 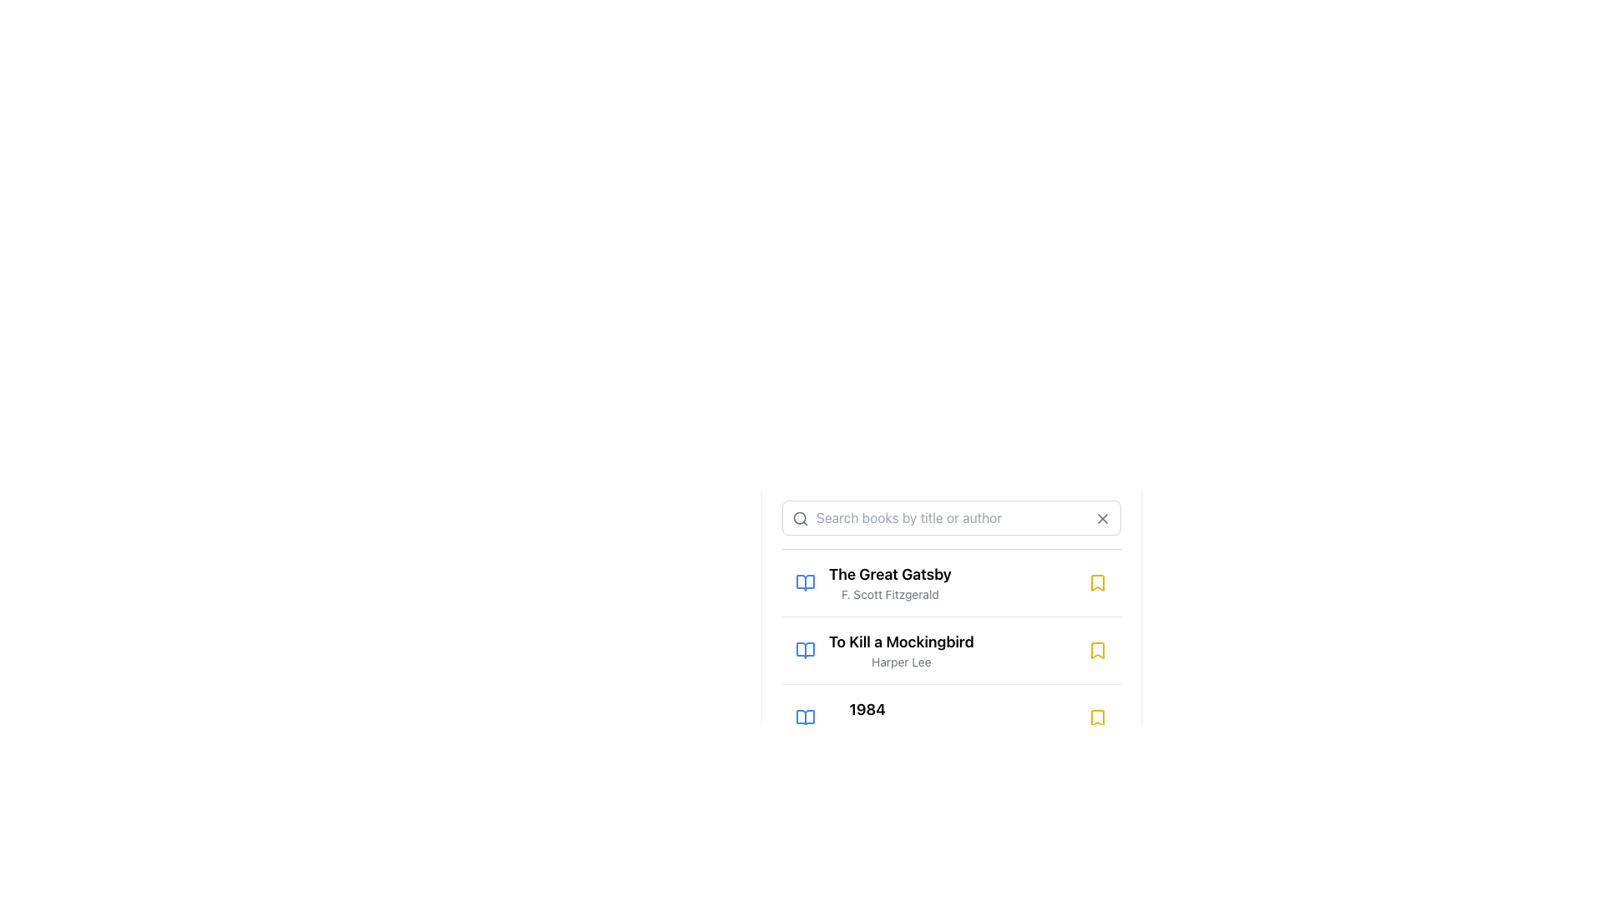 I want to click on the clear button located at the top-right corner of the search bar to observe a color change, so click(x=1102, y=517).